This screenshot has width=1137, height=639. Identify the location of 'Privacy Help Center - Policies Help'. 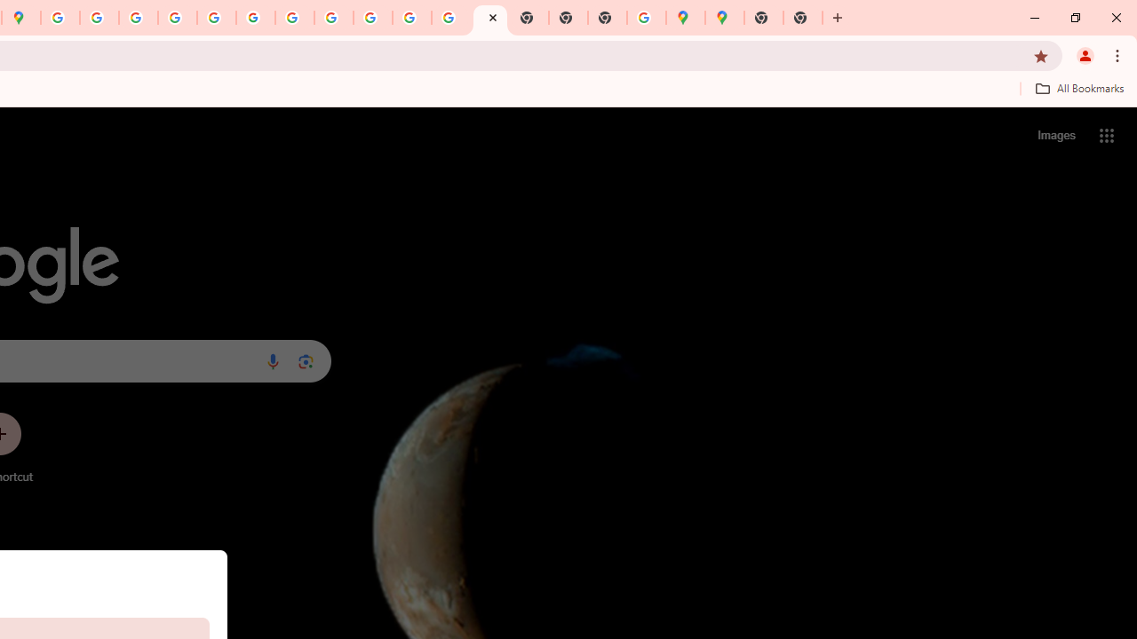
(177, 18).